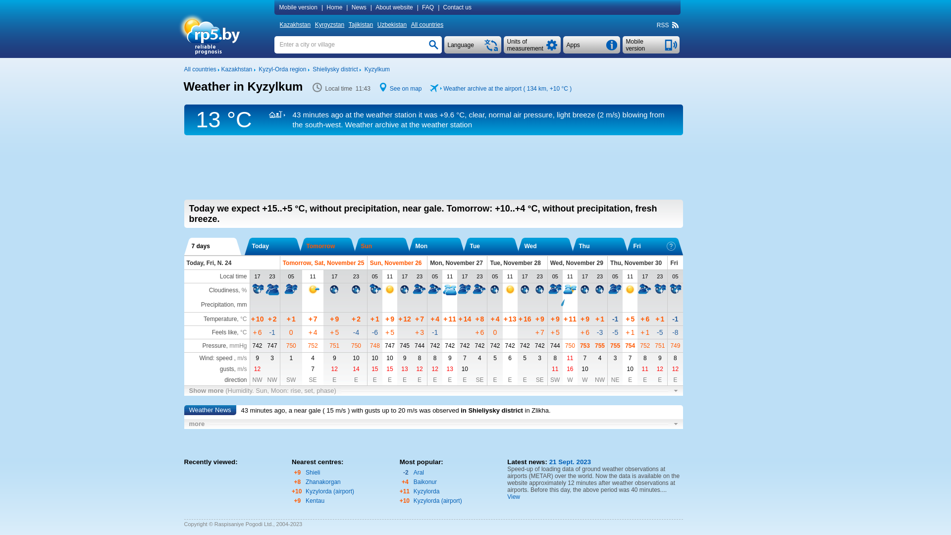 Image resolution: width=951 pixels, height=535 pixels. Describe the element at coordinates (394, 7) in the screenshot. I see `'About website'` at that location.